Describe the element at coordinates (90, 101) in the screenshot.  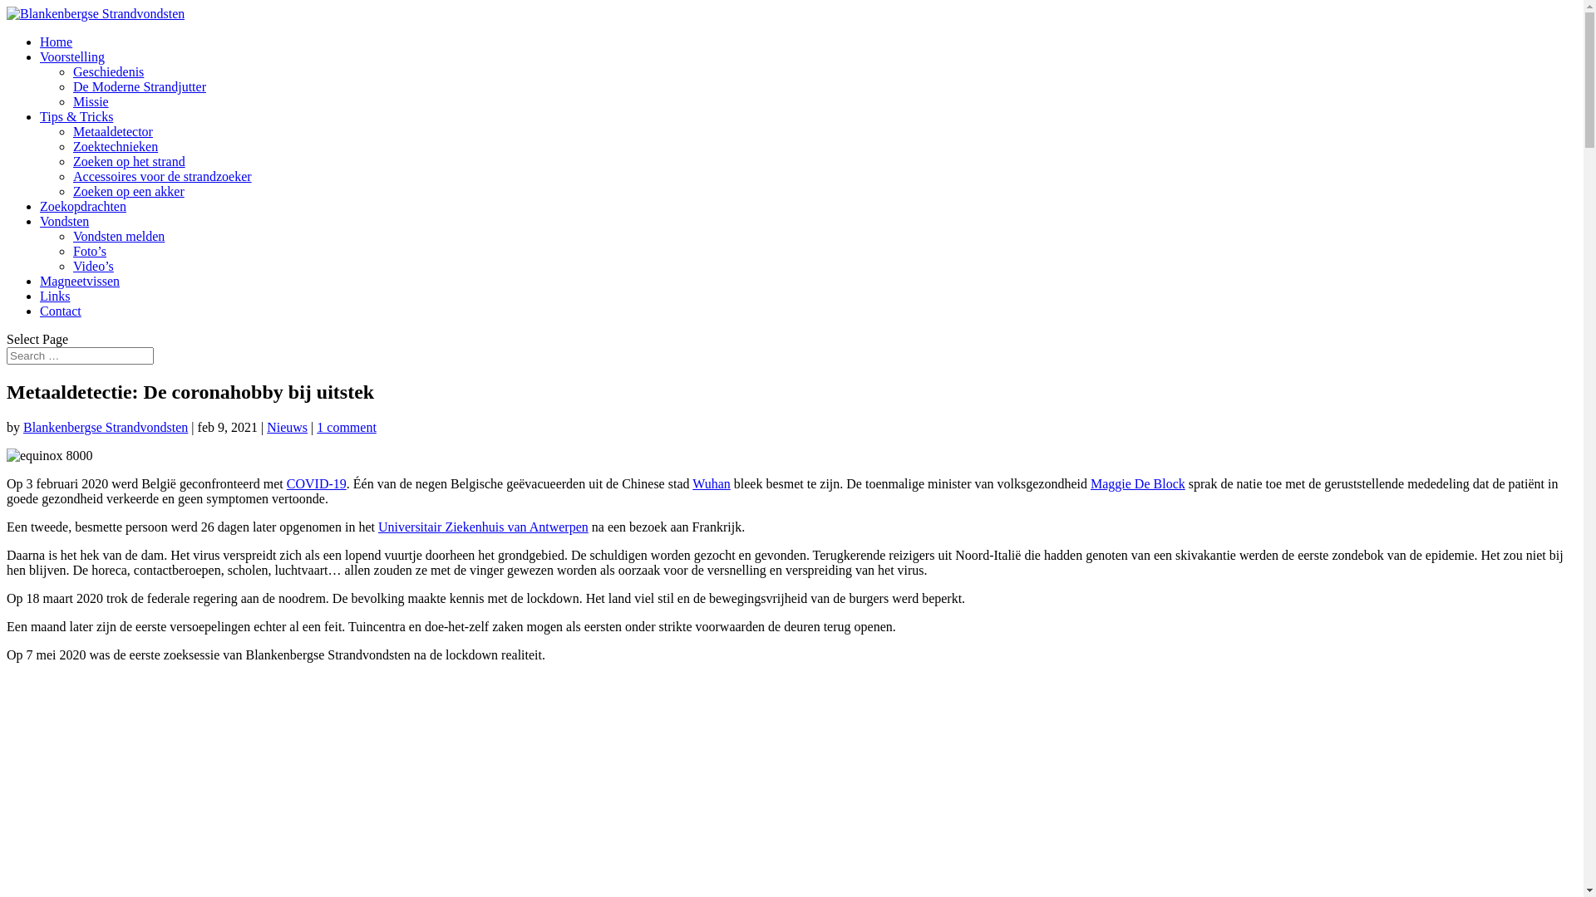
I see `'Missie'` at that location.